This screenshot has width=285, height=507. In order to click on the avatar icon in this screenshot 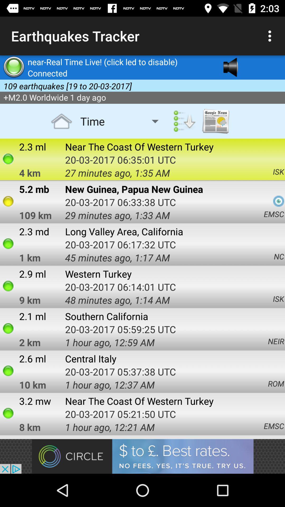, I will do `click(230, 67)`.